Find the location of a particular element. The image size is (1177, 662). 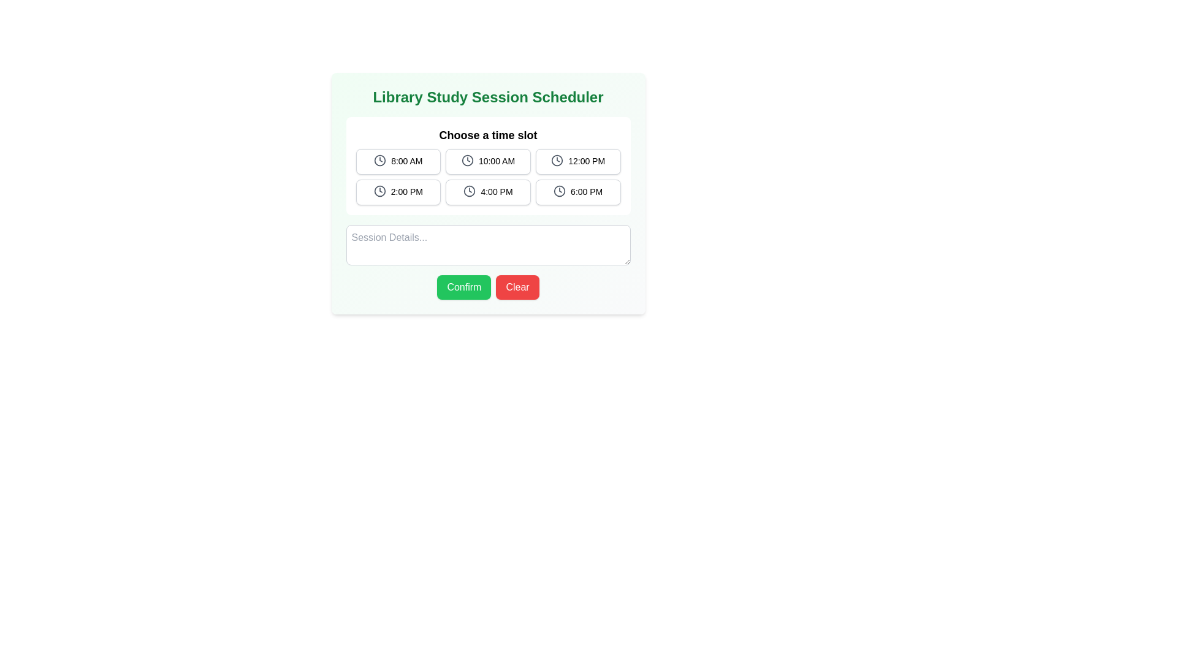

the confirm button located to the left of the red 'Clear' button at the bottom of the dialog box to confirm your actions or choices is located at coordinates (463, 287).